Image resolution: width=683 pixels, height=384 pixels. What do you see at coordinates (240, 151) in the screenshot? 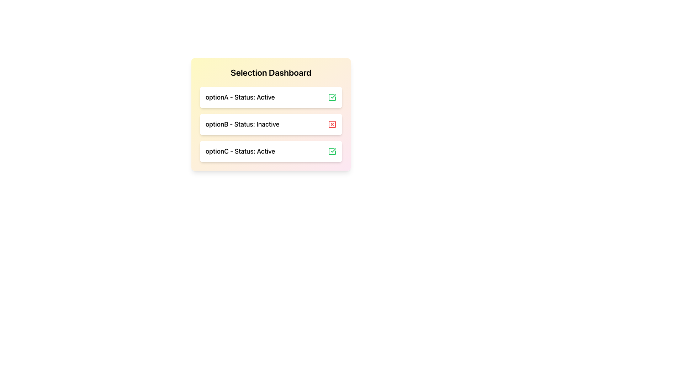
I see `the text label for 'optionC' which indicates its status as 'Active', positioned below 'optionB - Status: Inactive' and accompanied by a green checkmark icon` at bounding box center [240, 151].